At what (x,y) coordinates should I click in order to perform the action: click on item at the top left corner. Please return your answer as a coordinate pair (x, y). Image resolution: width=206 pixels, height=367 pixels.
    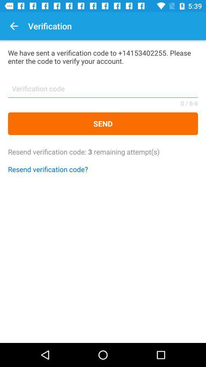
    Looking at the image, I should click on (14, 26).